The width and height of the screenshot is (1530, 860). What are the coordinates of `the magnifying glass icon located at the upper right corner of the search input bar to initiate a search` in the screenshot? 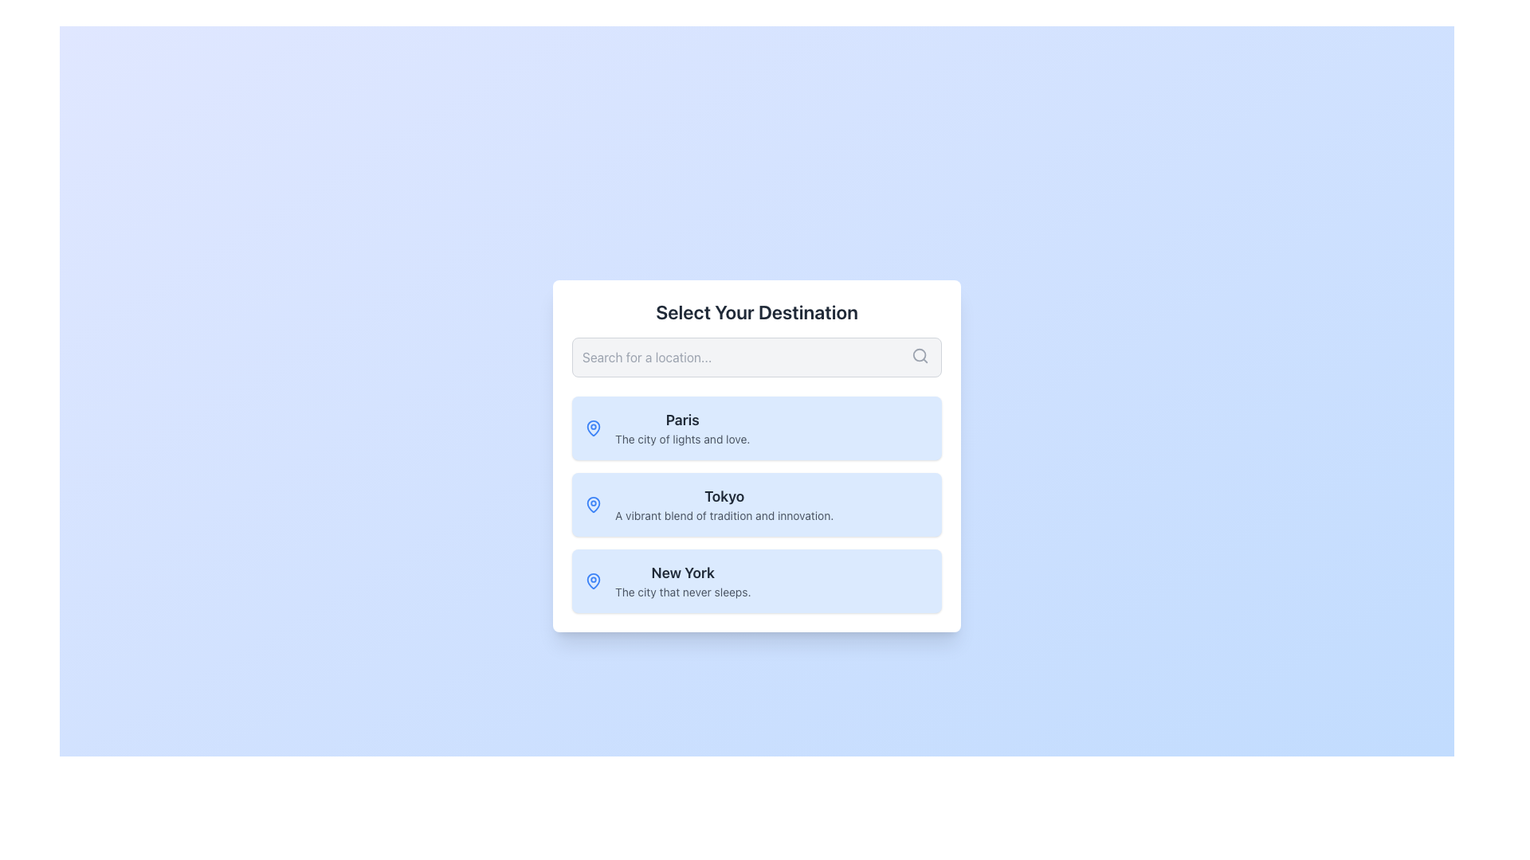 It's located at (920, 355).